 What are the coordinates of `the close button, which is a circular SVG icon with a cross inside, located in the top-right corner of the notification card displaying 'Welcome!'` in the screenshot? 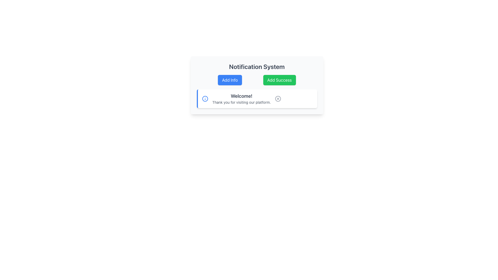 It's located at (278, 99).